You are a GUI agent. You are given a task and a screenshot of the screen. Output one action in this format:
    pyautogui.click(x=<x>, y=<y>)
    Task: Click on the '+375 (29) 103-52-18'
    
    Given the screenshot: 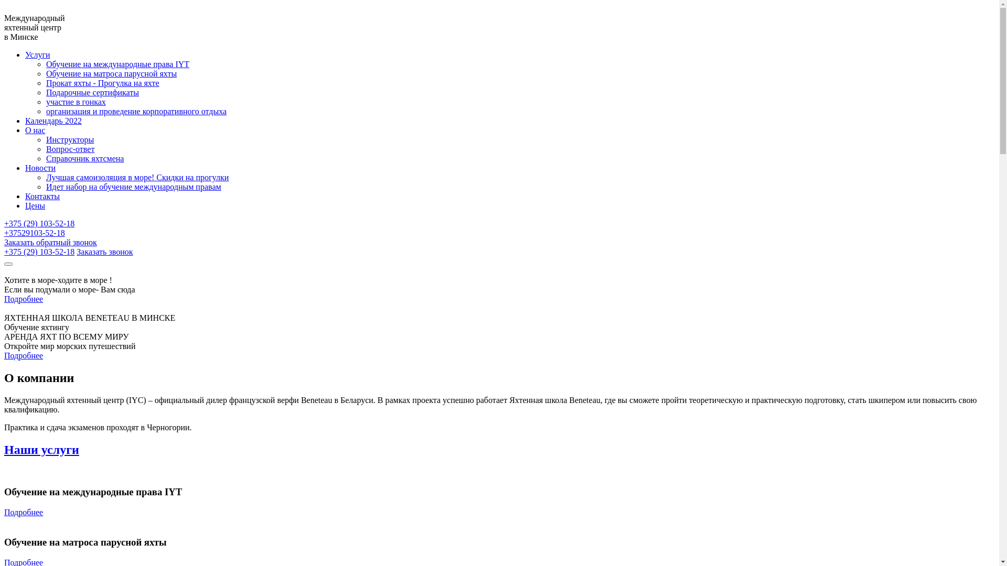 What is the action you would take?
    pyautogui.click(x=4, y=223)
    